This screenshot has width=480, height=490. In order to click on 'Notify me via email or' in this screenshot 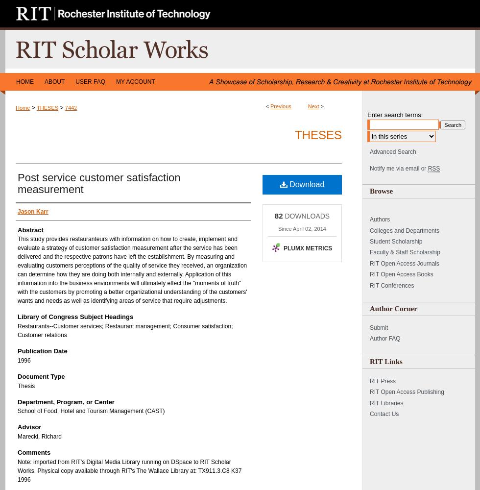, I will do `click(398, 168)`.